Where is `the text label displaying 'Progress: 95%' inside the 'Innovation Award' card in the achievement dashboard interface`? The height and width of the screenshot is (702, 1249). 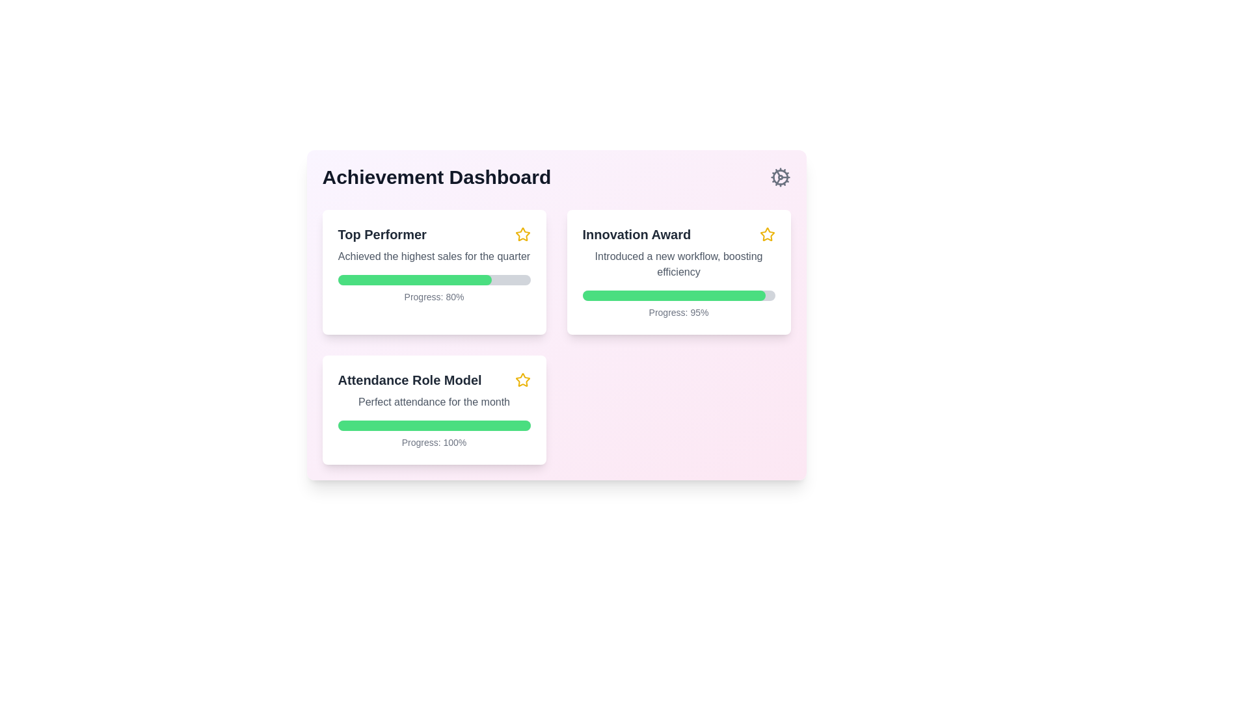
the text label displaying 'Progress: 95%' inside the 'Innovation Award' card in the achievement dashboard interface is located at coordinates (678, 313).